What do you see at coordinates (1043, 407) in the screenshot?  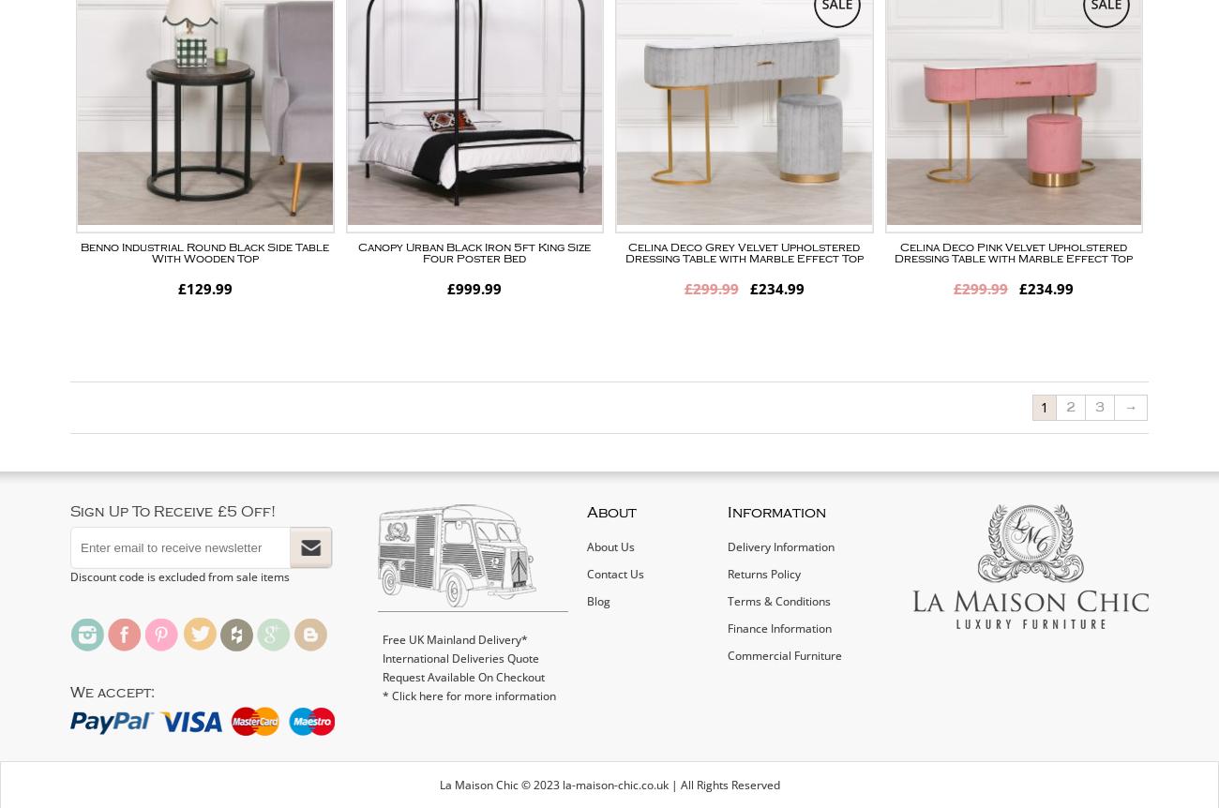 I see `'1'` at bounding box center [1043, 407].